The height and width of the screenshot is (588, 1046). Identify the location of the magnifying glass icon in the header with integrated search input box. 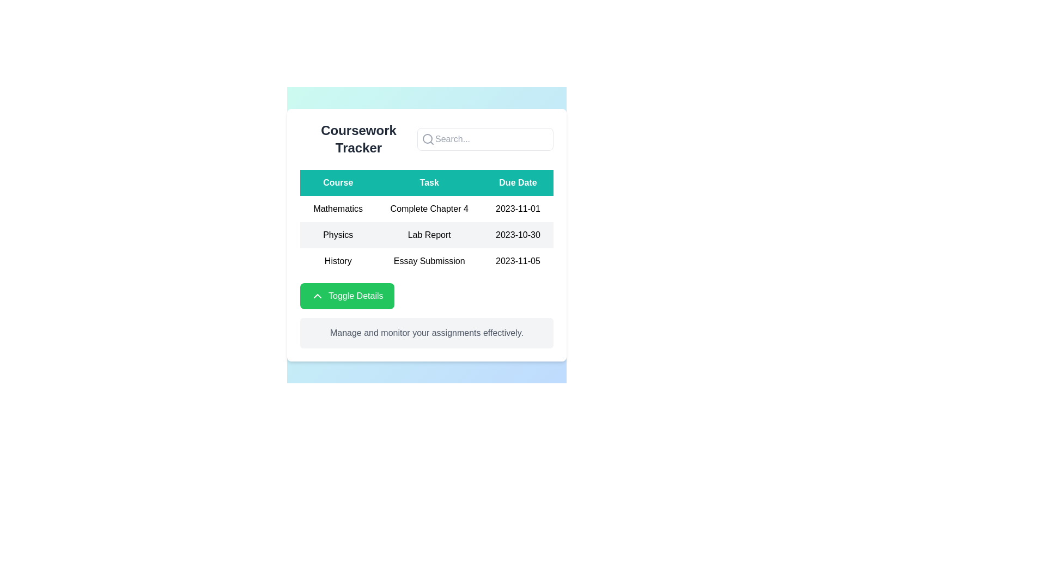
(426, 138).